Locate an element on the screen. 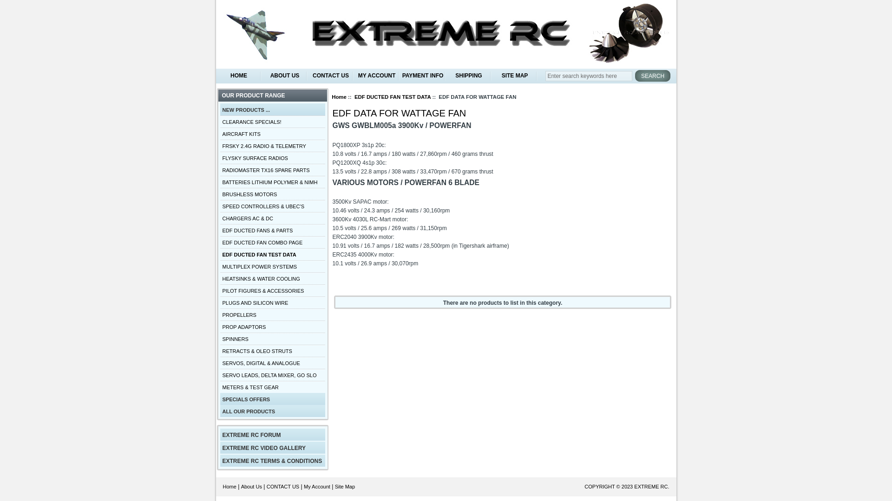 This screenshot has width=892, height=501. 'My Account' is located at coordinates (317, 486).